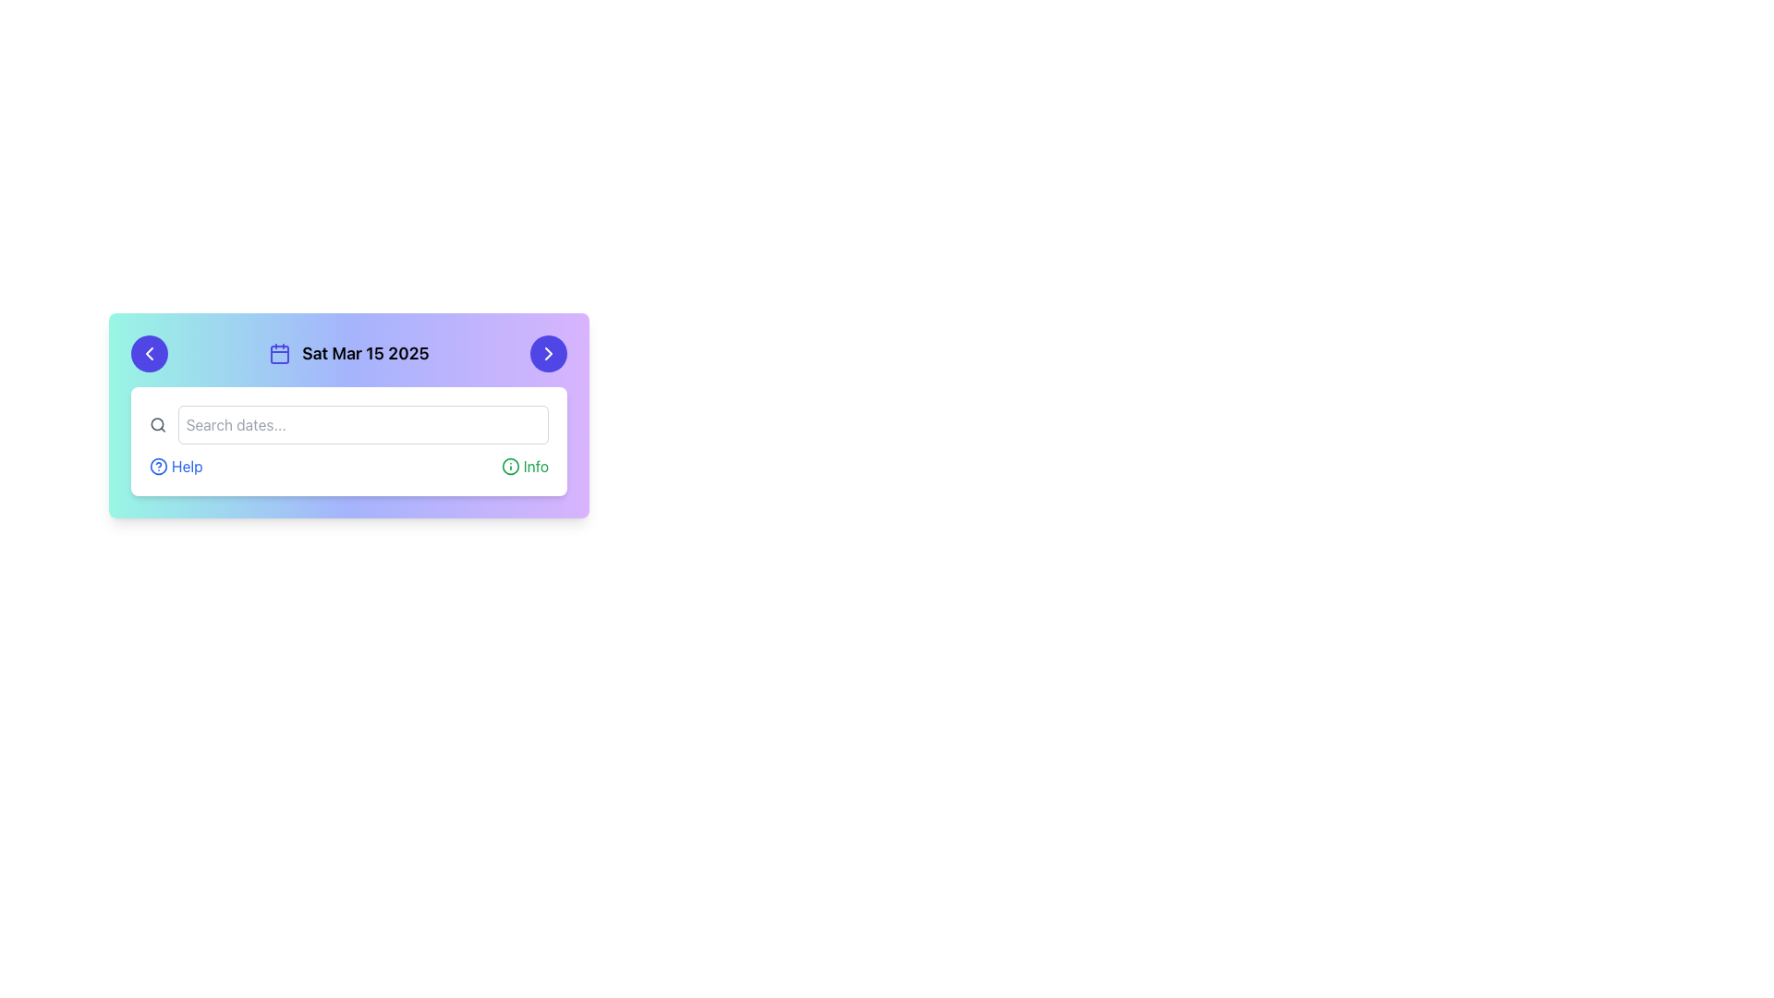 Image resolution: width=1774 pixels, height=998 pixels. Describe the element at coordinates (279, 355) in the screenshot. I see `the rounded rectangle within the calendar icon that precedes the text 'Sat Mar 15 2025' in the header bar` at that location.